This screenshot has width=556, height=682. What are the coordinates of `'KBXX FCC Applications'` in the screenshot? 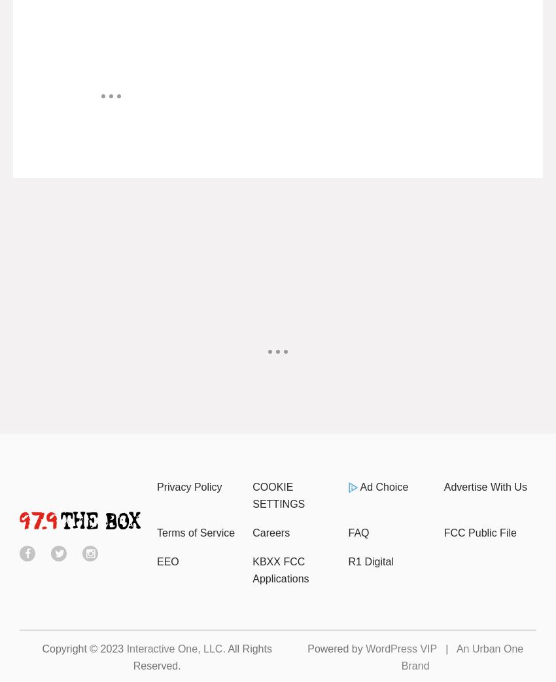 It's located at (279, 569).